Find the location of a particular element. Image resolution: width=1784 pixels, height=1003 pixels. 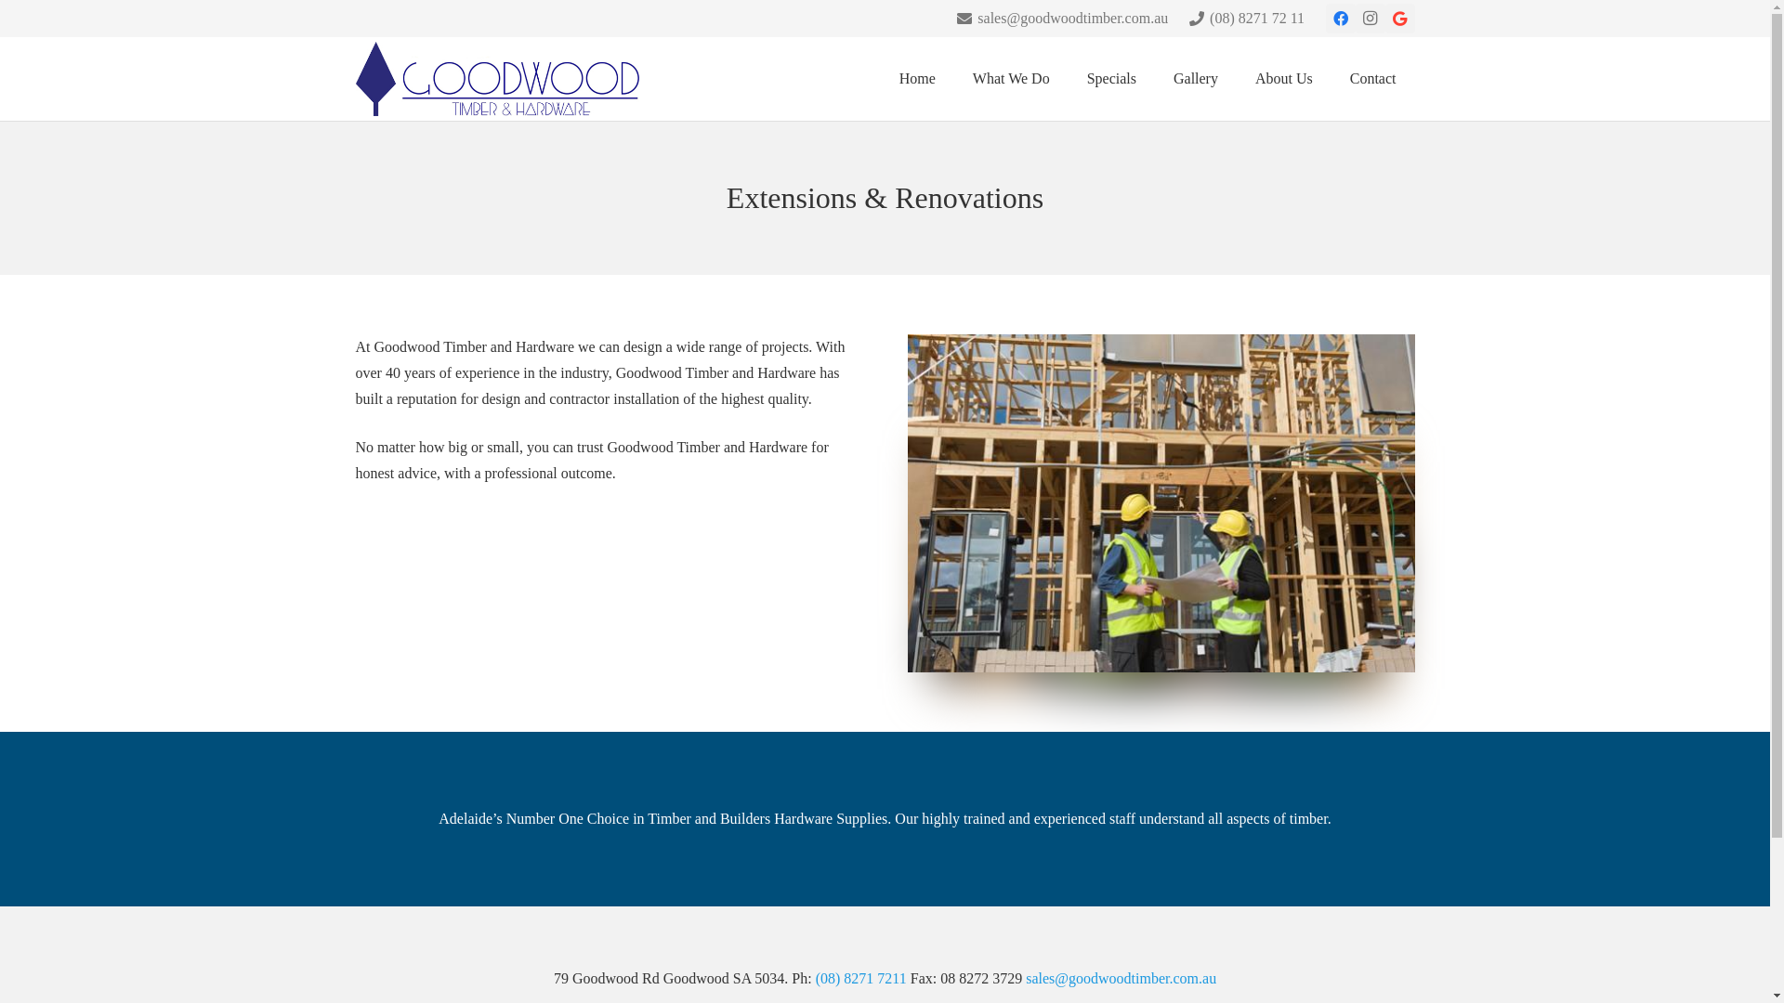

'About Us' is located at coordinates (1283, 77).